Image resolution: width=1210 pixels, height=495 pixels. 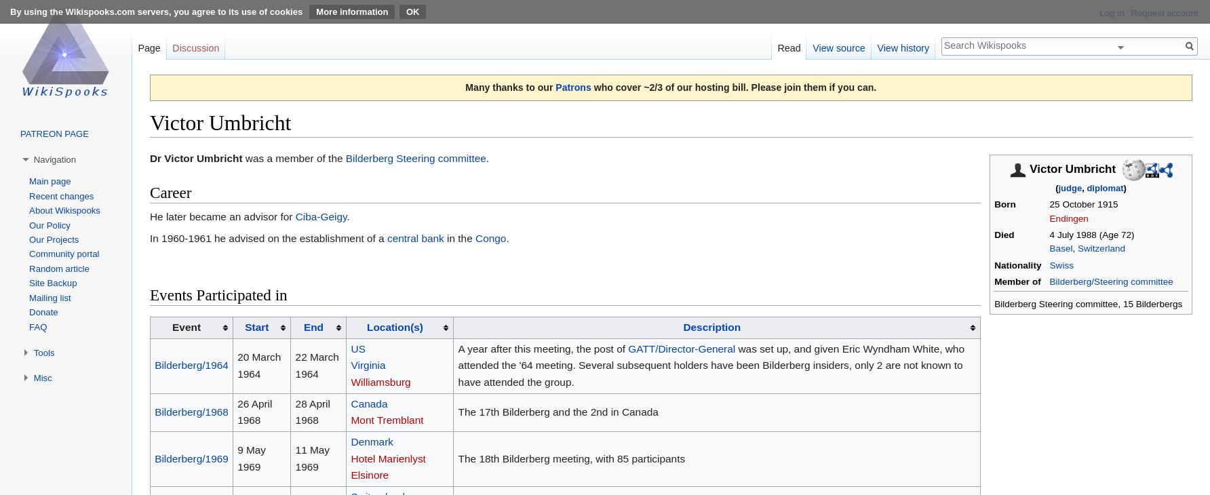 I want to click on 'diplomat', so click(x=1104, y=188).